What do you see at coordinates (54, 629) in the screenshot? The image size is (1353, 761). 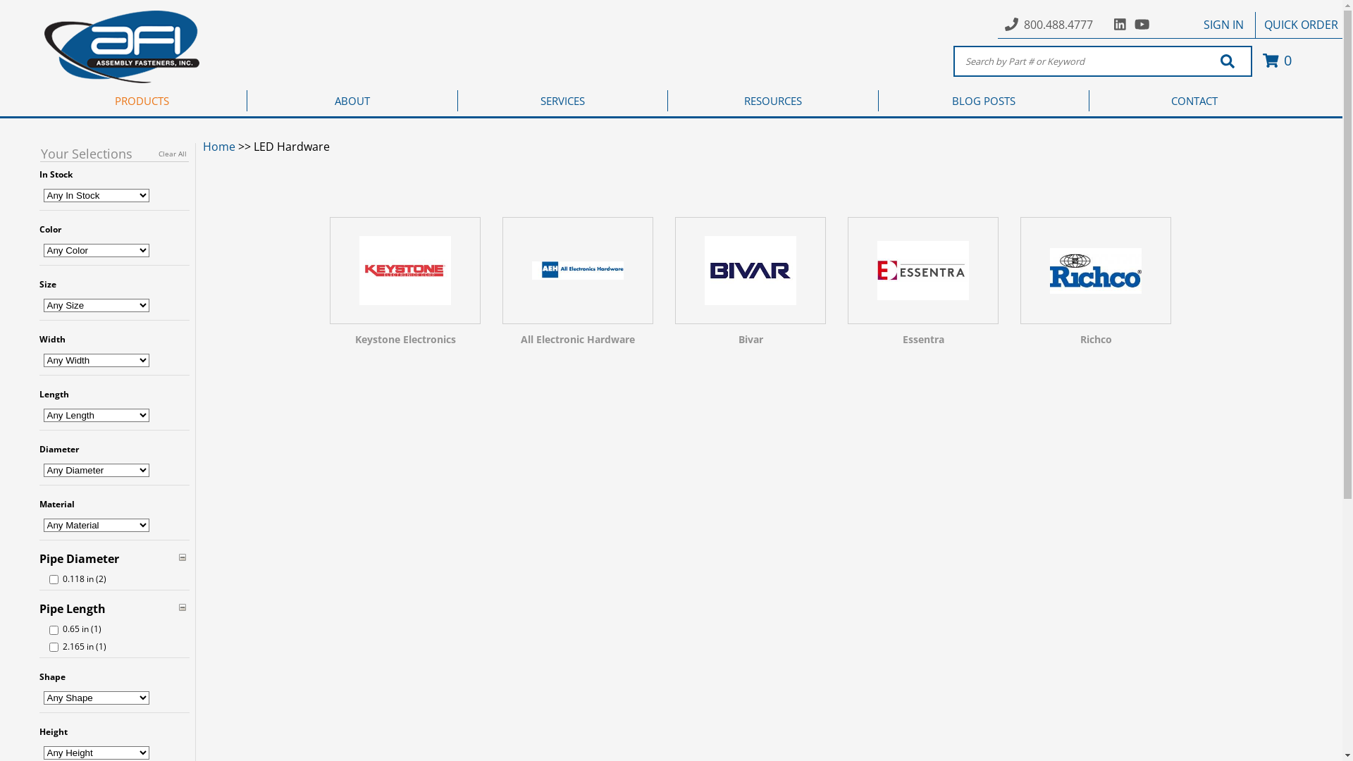 I see `'0@@2e65 in'` at bounding box center [54, 629].